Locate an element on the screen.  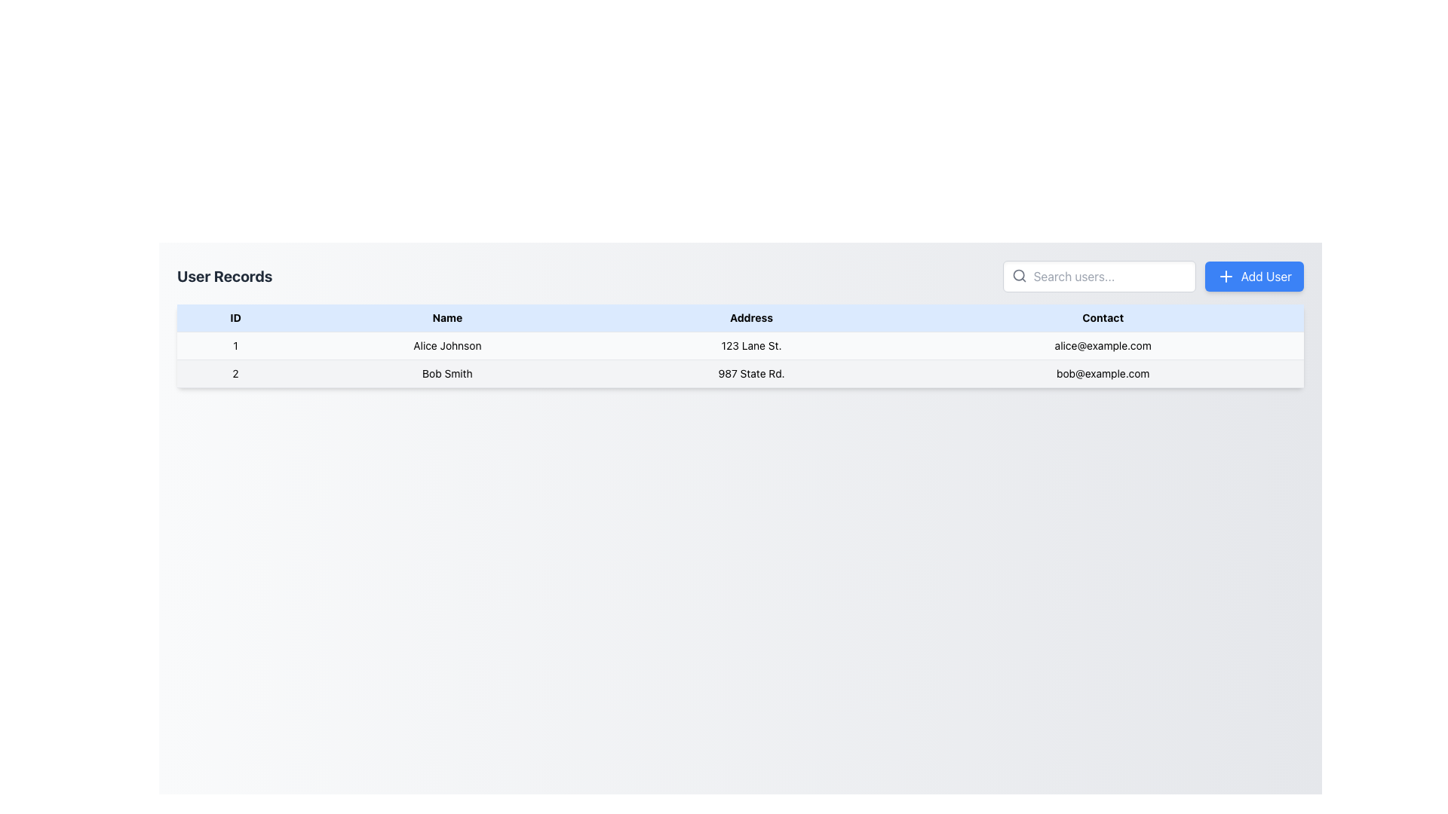
the Text Label displaying the user's name in the second row and second column of the record table, which is located below 'Alice Johnson' and before '987 State Rd.' is located at coordinates (446, 373).